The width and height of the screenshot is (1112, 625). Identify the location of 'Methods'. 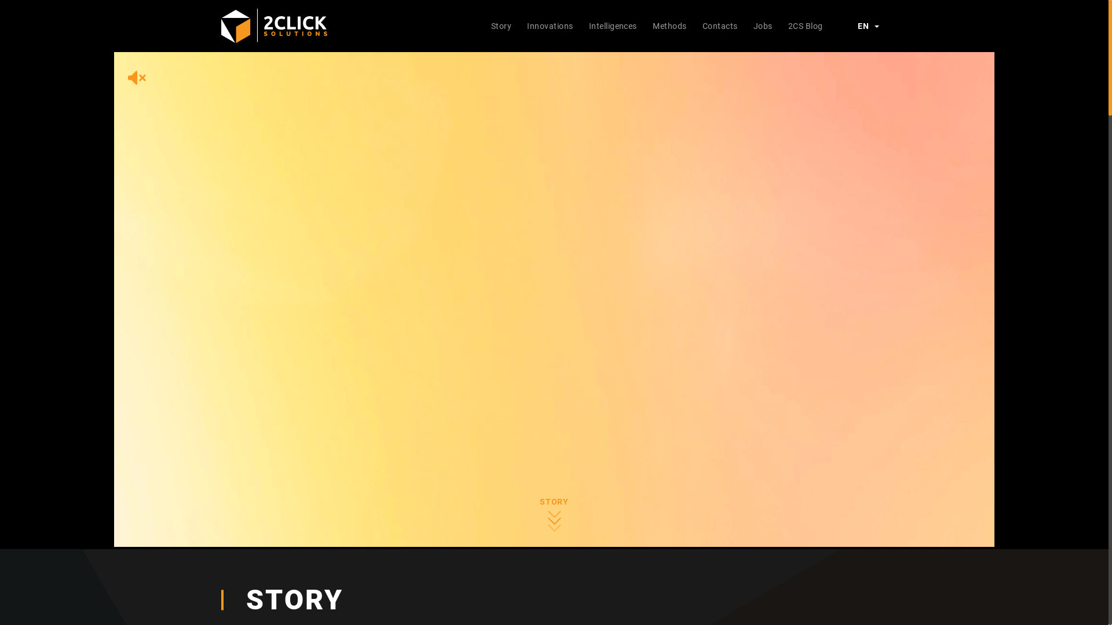
(670, 25).